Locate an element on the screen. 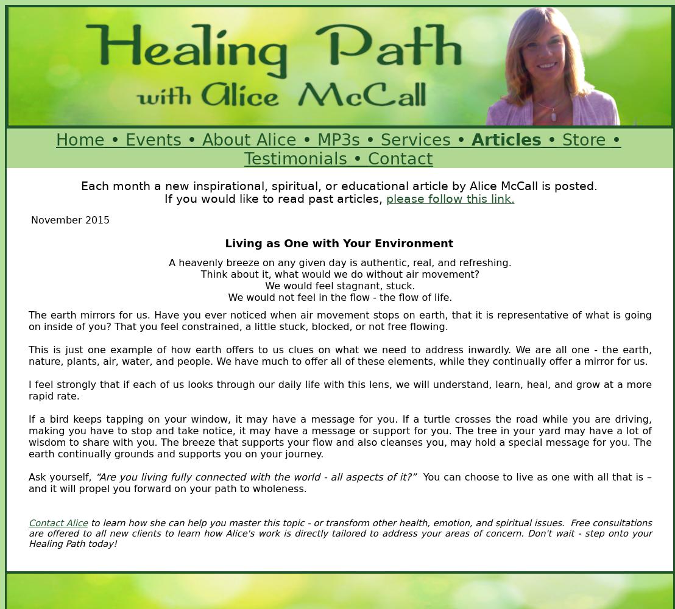  'Services' is located at coordinates (415, 139).